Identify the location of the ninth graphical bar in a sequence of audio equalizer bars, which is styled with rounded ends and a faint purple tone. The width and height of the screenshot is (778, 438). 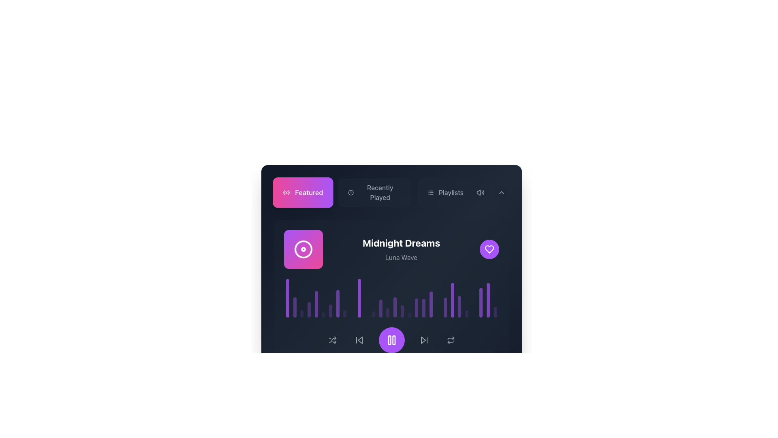
(345, 313).